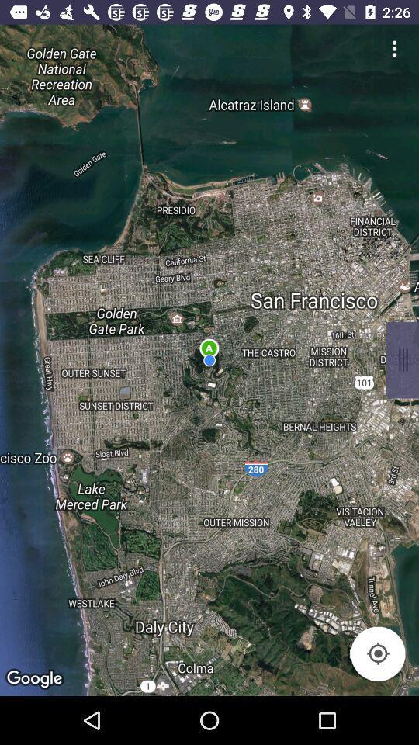 Image resolution: width=419 pixels, height=745 pixels. I want to click on settings, so click(394, 48).